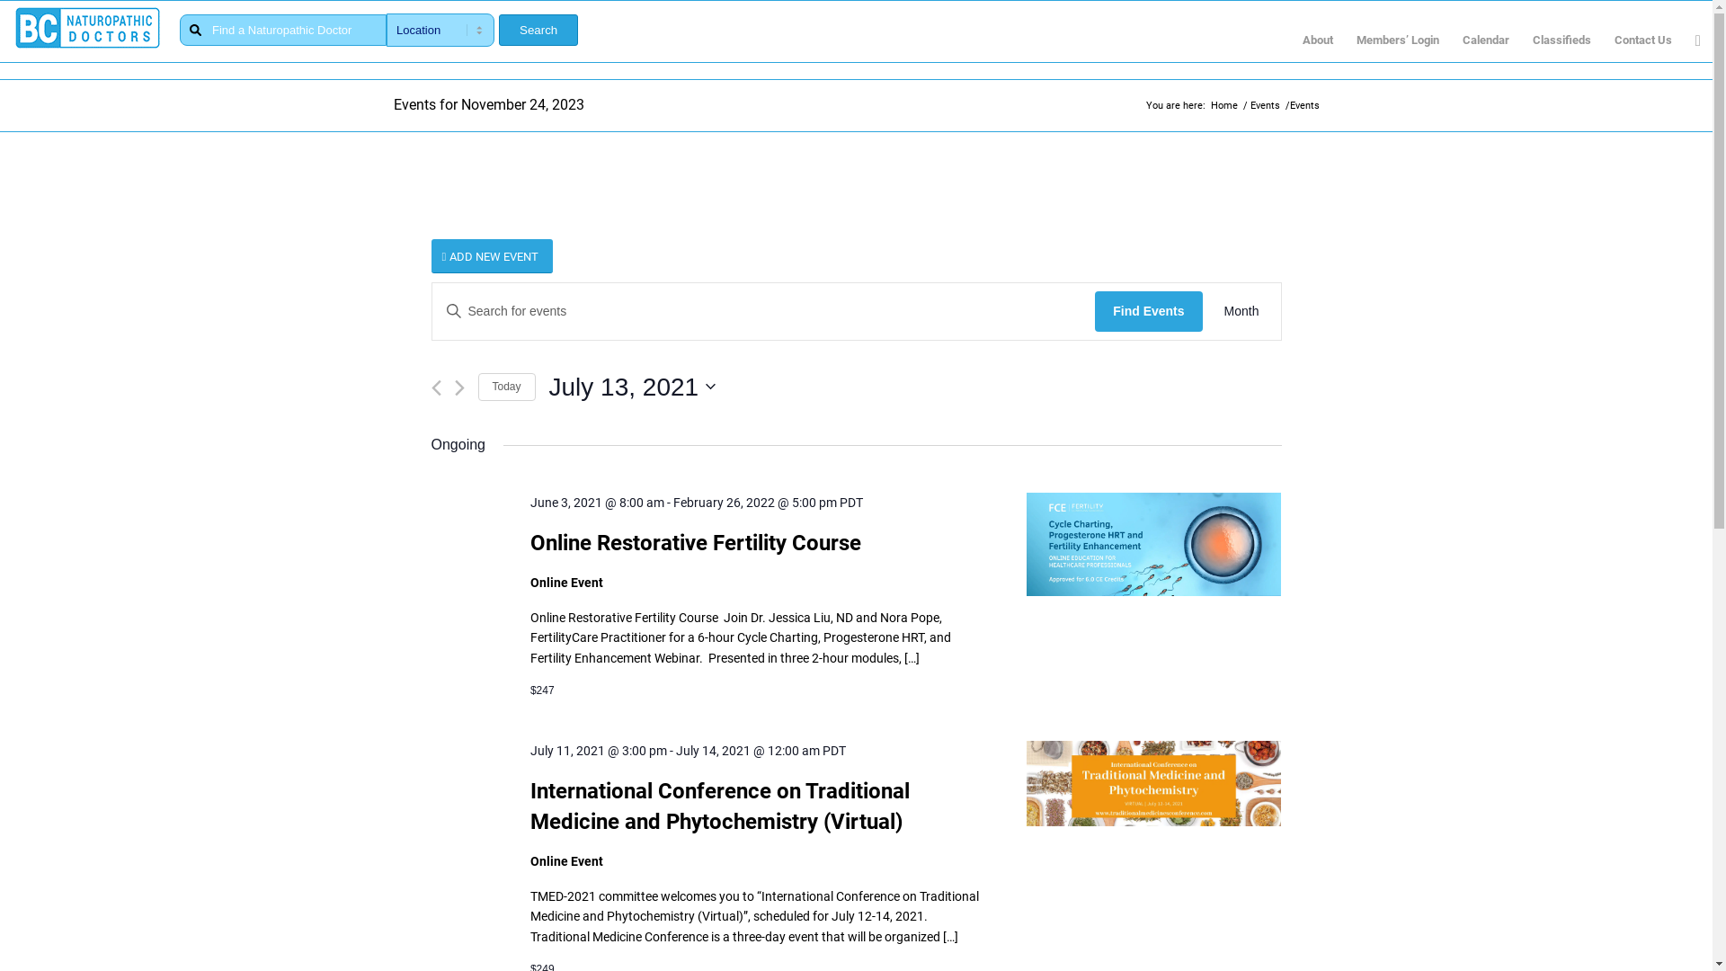 This screenshot has width=1726, height=971. Describe the element at coordinates (694, 542) in the screenshot. I see `'Online Restorative Fertility Course'` at that location.